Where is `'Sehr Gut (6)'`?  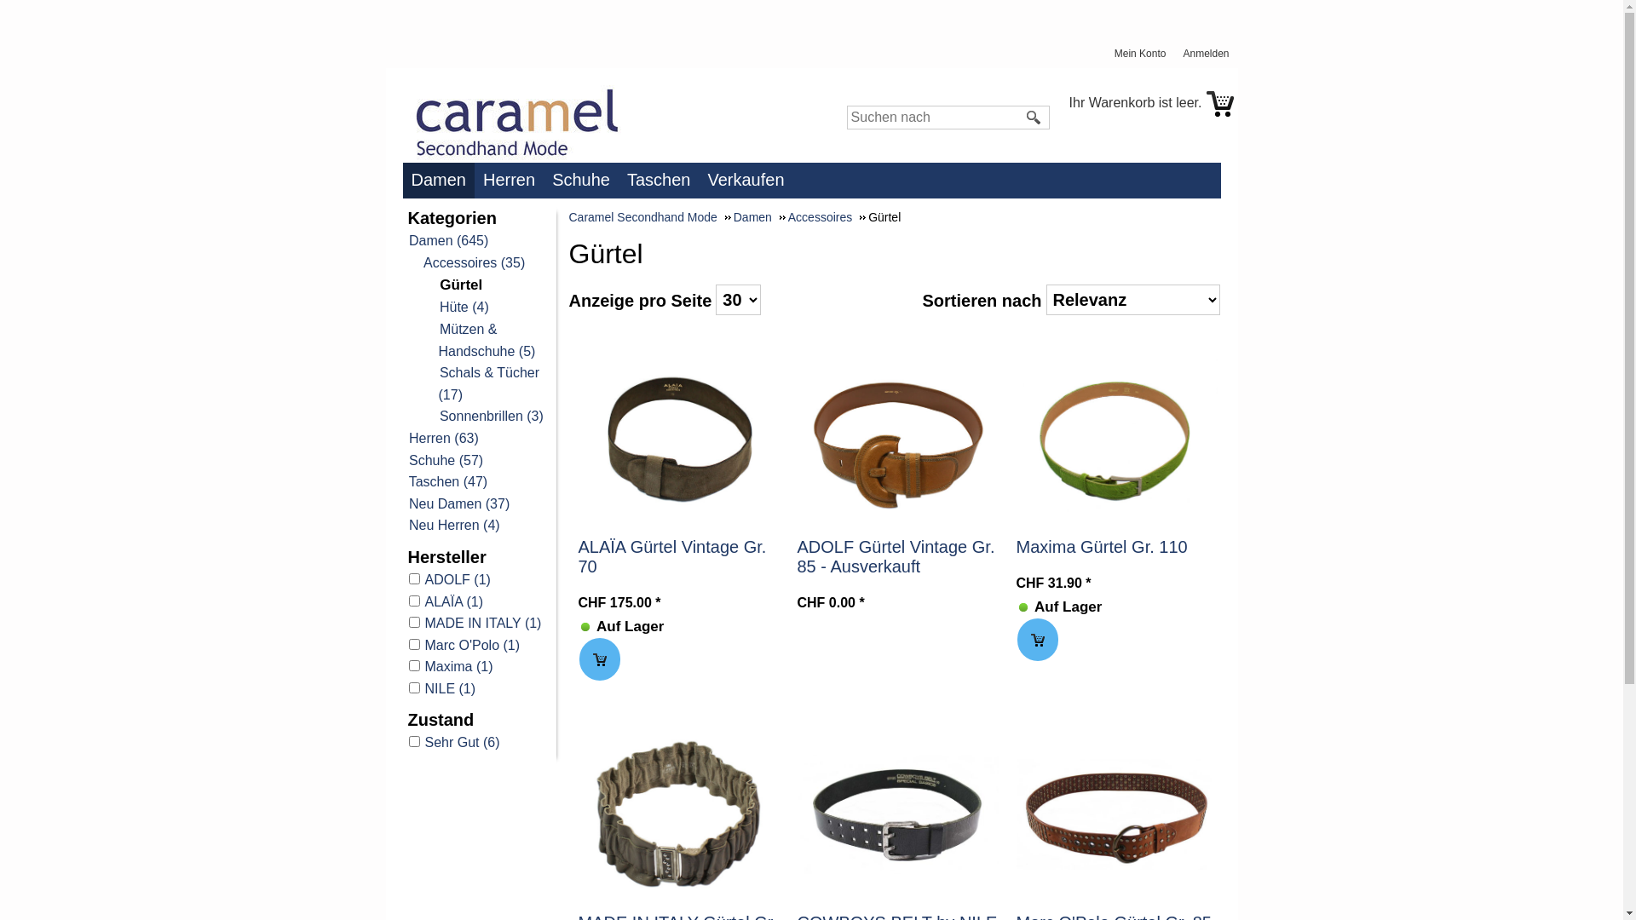
'Sehr Gut (6)' is located at coordinates (406, 741).